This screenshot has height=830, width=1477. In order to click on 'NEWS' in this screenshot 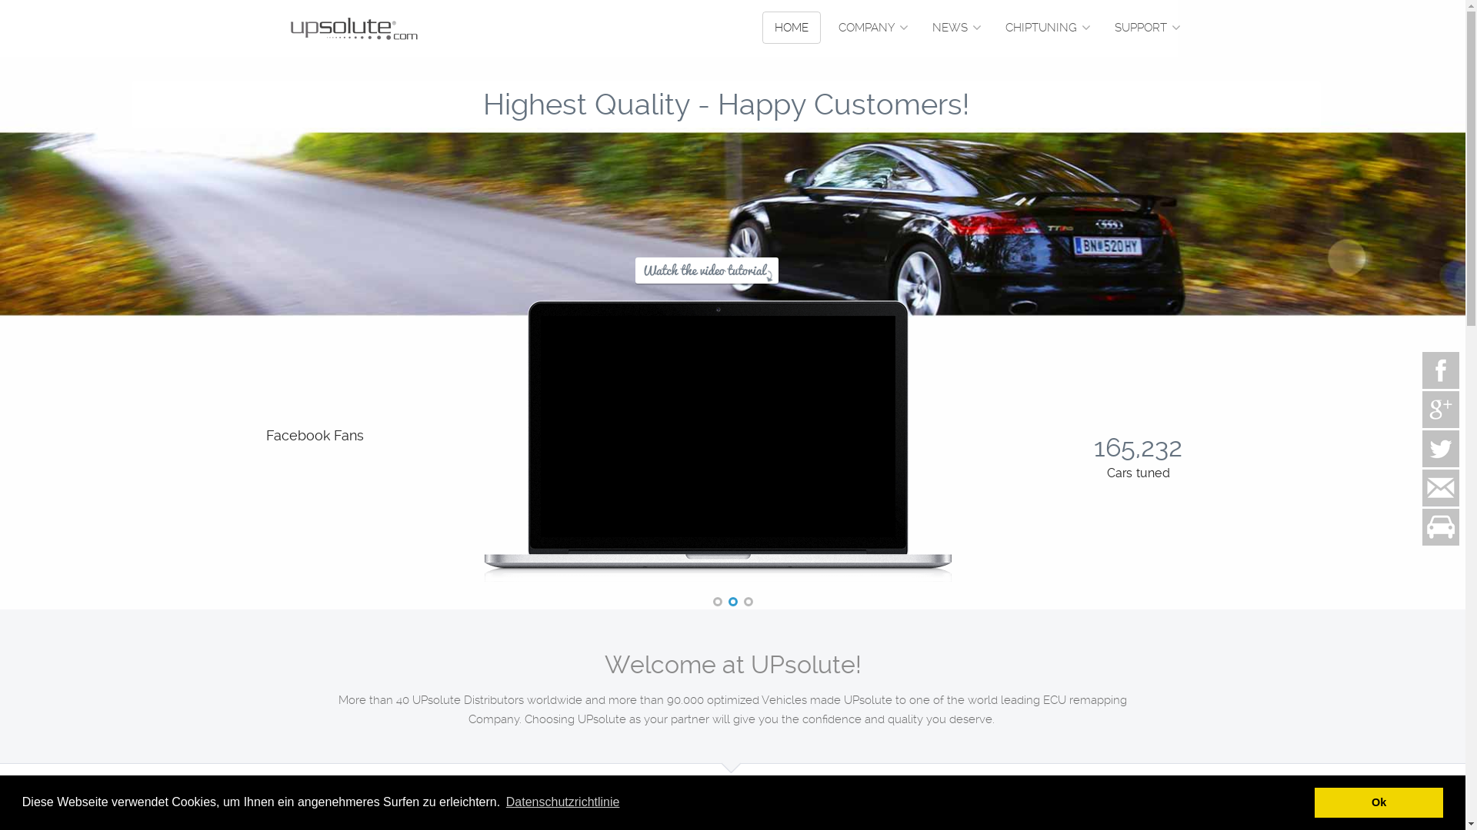, I will do `click(952, 27)`.